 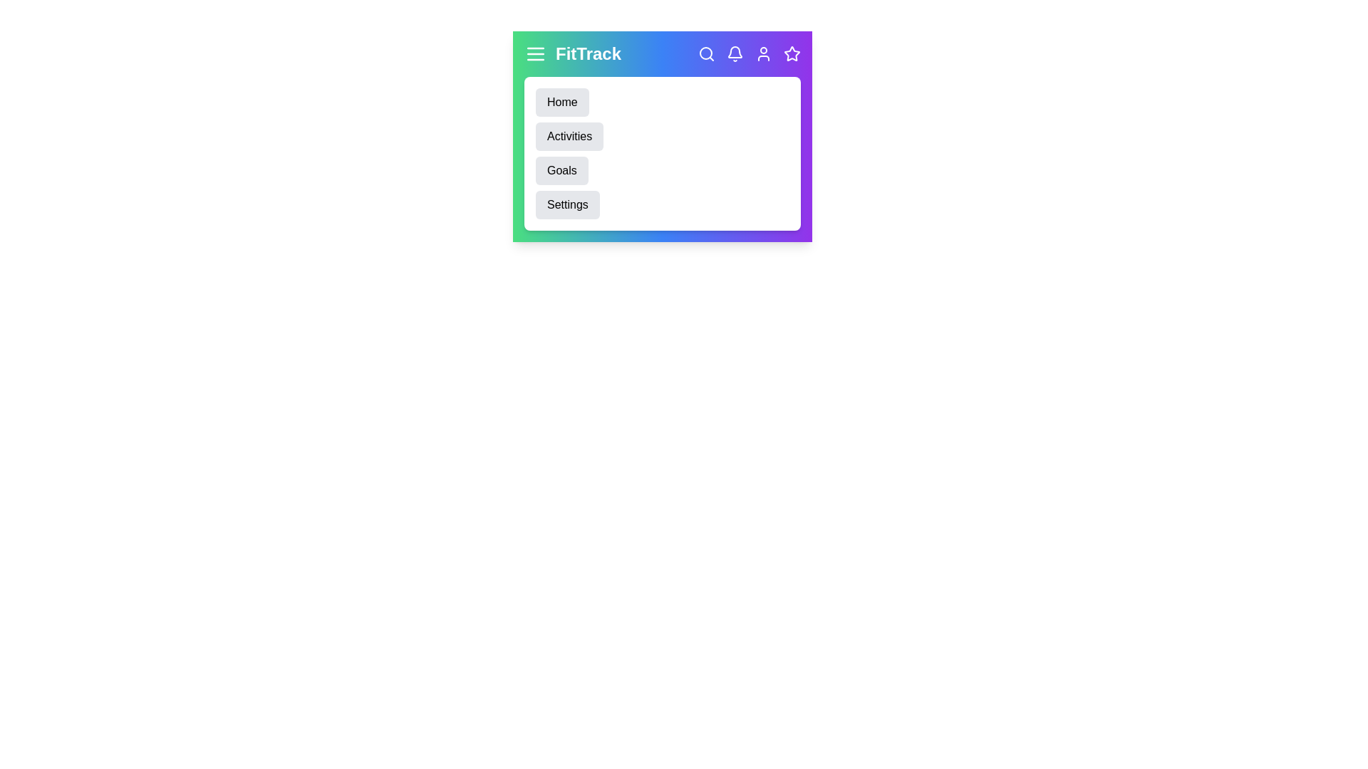 I want to click on the search icon to initiate a search, so click(x=707, y=53).